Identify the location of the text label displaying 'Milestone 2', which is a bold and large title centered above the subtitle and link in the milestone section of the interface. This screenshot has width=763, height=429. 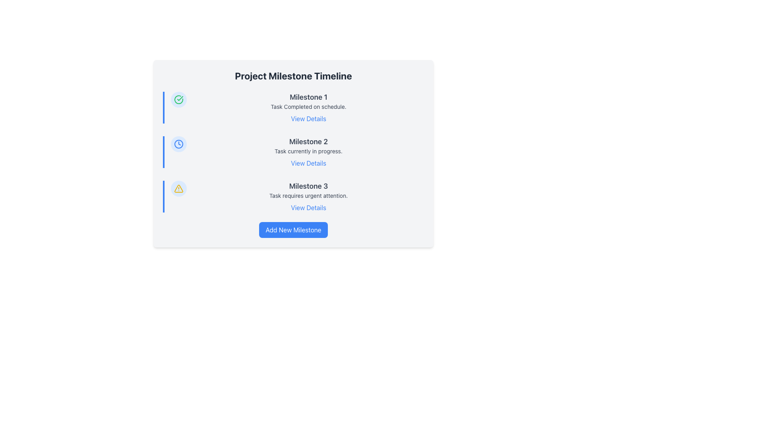
(308, 141).